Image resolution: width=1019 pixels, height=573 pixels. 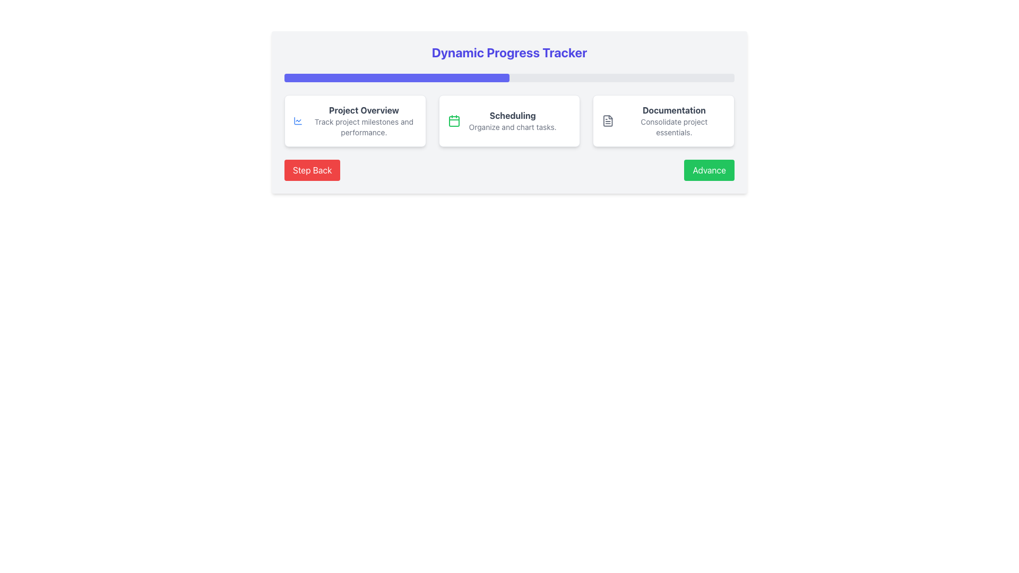 I want to click on the 'Project Overview' text element in the card component, so click(x=364, y=120).